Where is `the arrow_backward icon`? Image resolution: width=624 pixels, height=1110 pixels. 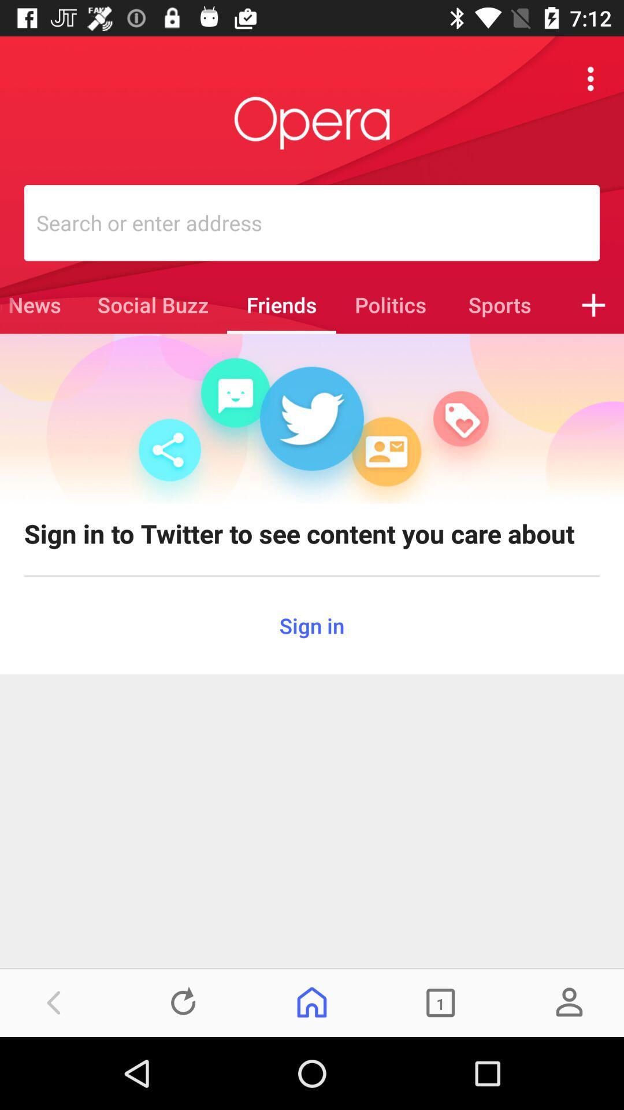
the arrow_backward icon is located at coordinates (54, 1002).